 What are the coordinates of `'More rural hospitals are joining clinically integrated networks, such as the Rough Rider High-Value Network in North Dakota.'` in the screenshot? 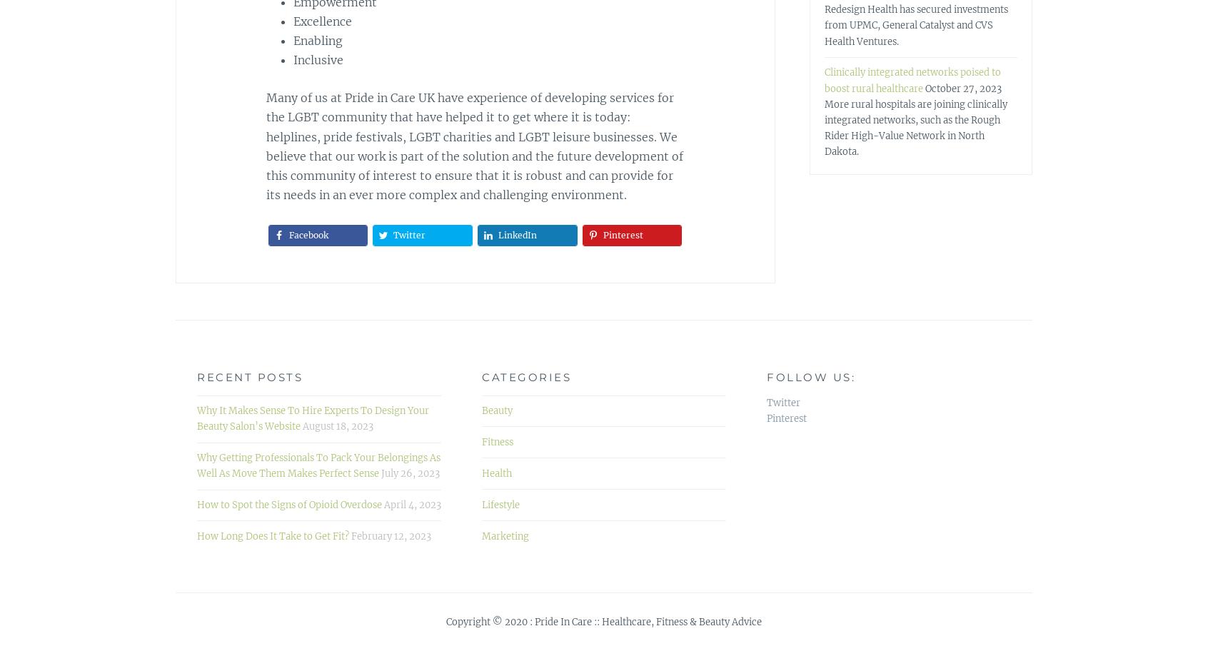 It's located at (915, 127).